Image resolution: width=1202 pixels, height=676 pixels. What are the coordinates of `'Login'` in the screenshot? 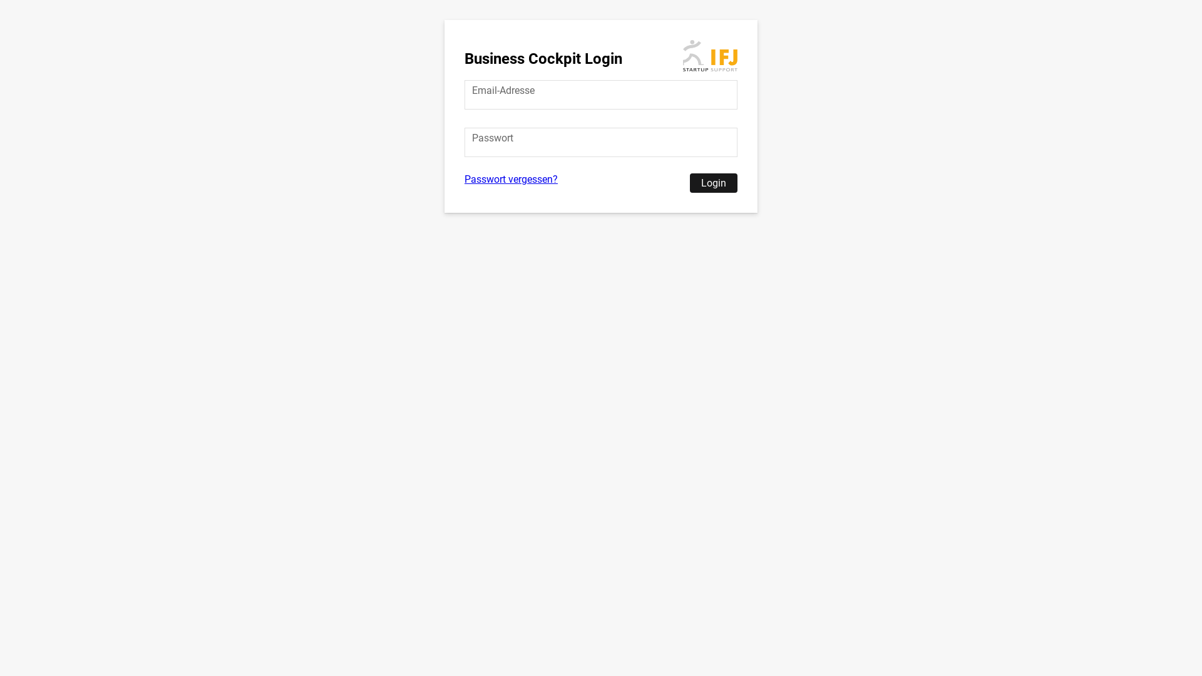 It's located at (714, 183).